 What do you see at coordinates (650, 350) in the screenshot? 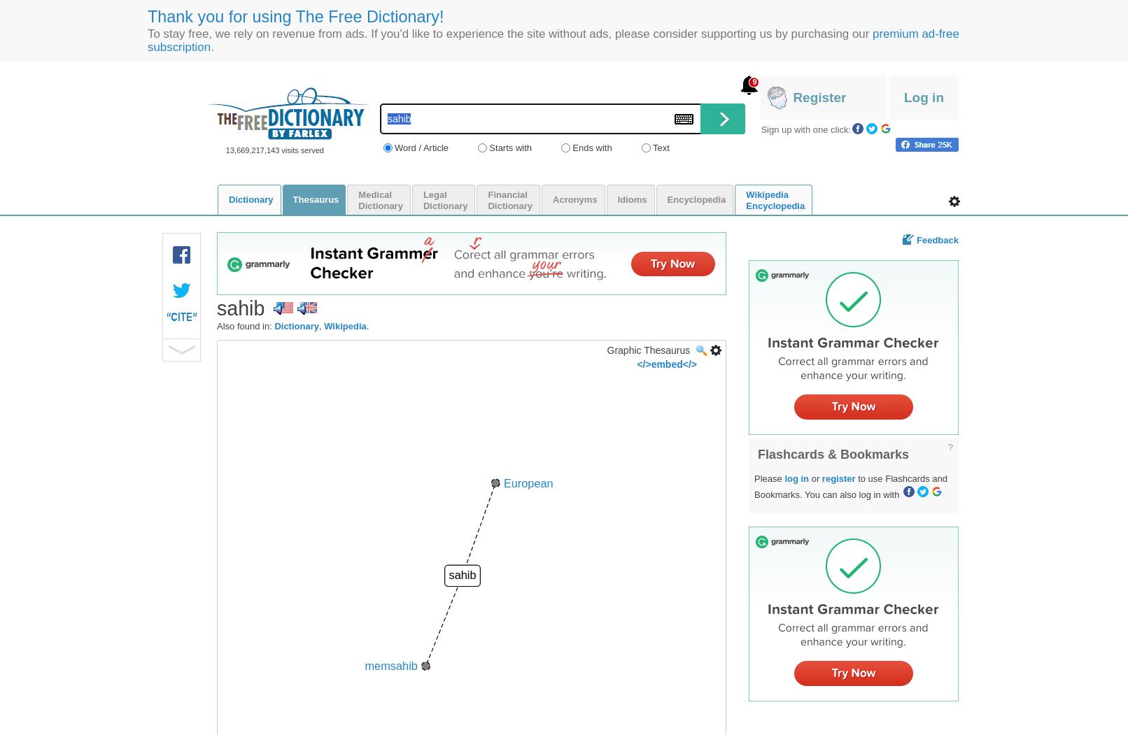
I see `'Graphic Thesaurus'` at bounding box center [650, 350].